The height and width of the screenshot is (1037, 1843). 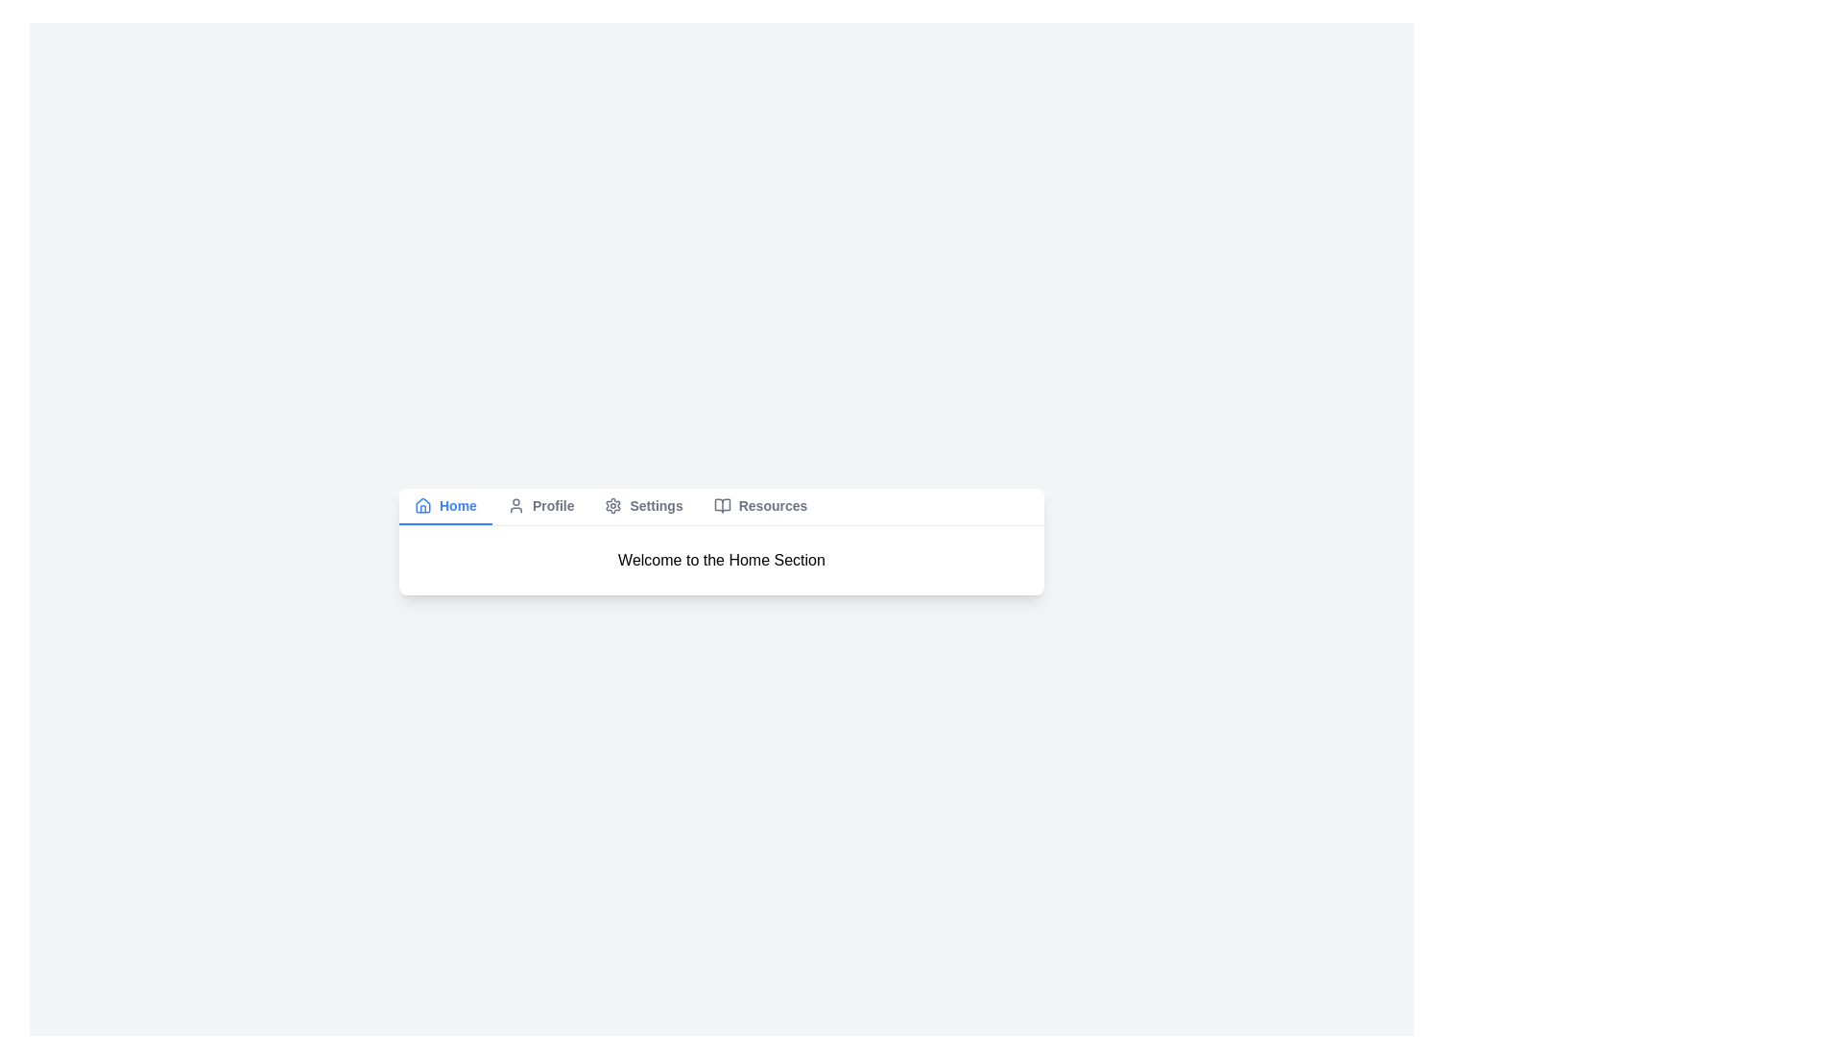 What do you see at coordinates (759, 505) in the screenshot?
I see `the navigation menu item labeled 'Resources'` at bounding box center [759, 505].